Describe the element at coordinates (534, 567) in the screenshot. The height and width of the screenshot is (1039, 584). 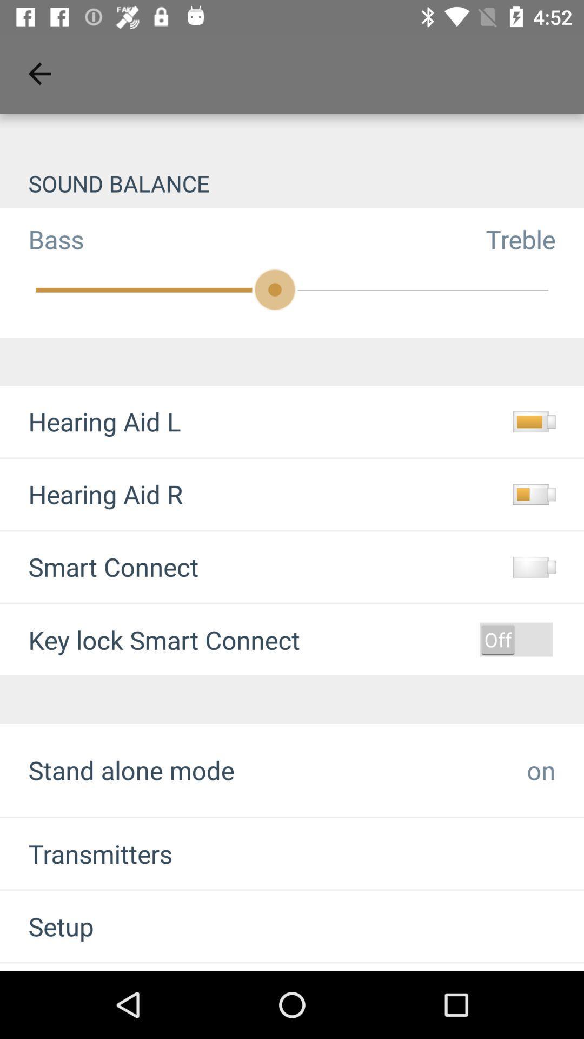
I see `the third battery symbol from top` at that location.